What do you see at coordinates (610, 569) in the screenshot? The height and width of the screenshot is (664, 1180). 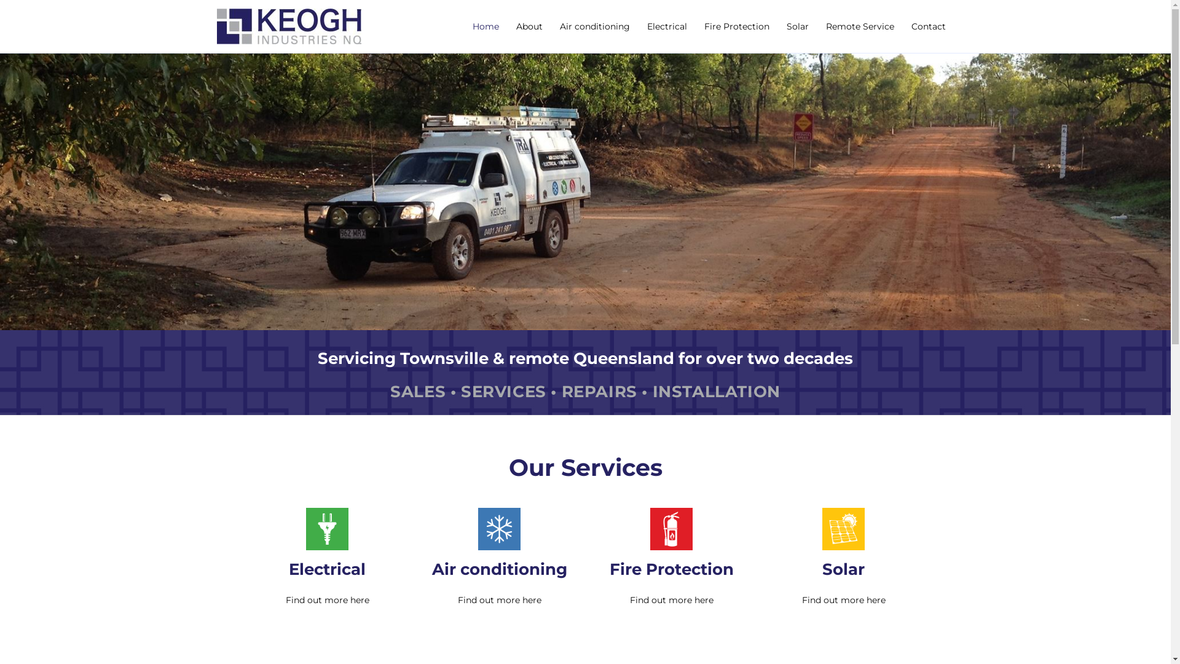 I see `'Fire Protection'` at bounding box center [610, 569].